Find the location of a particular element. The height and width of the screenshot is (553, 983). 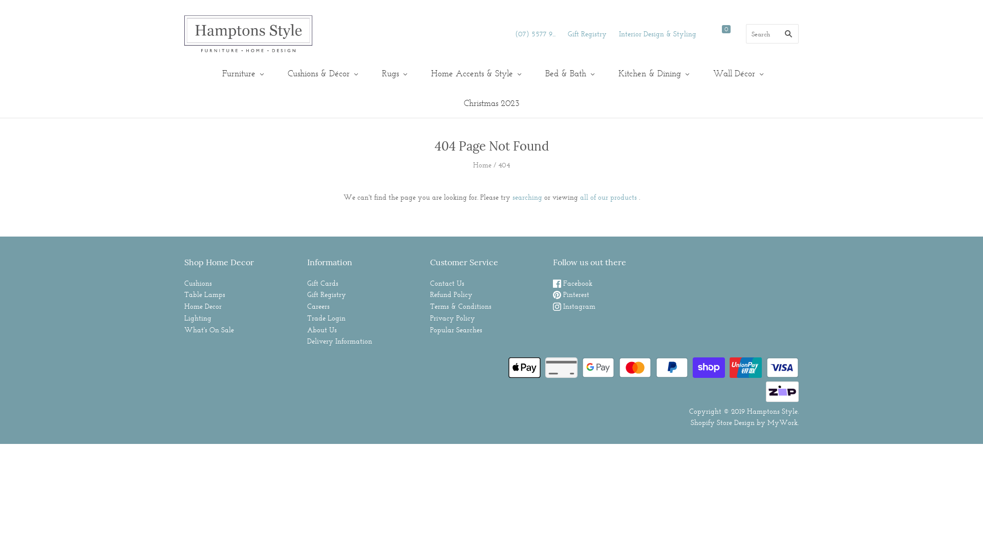

'What's On Sale' is located at coordinates (208, 329).